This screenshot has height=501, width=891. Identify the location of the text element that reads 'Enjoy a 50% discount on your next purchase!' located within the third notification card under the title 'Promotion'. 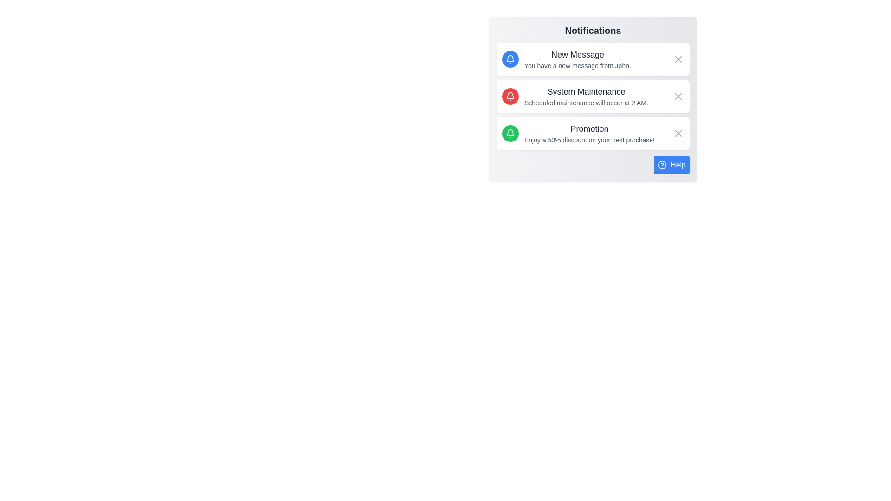
(589, 140).